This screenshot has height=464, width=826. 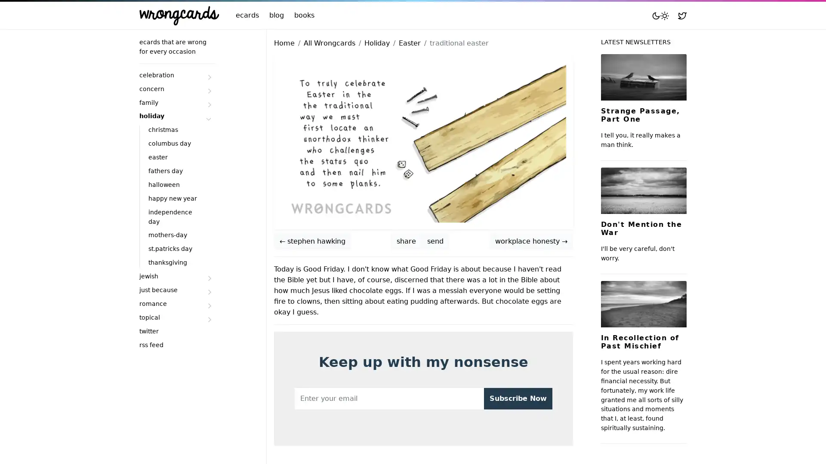 I want to click on Submenu, so click(x=208, y=118).